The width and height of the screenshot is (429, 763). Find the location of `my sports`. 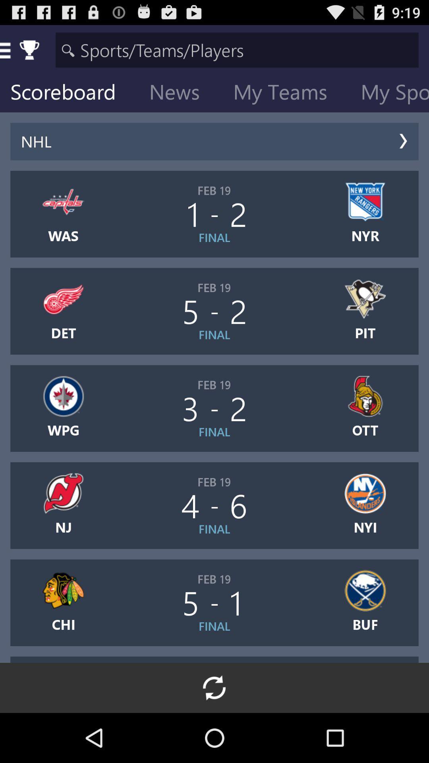

my sports is located at coordinates (389, 93).